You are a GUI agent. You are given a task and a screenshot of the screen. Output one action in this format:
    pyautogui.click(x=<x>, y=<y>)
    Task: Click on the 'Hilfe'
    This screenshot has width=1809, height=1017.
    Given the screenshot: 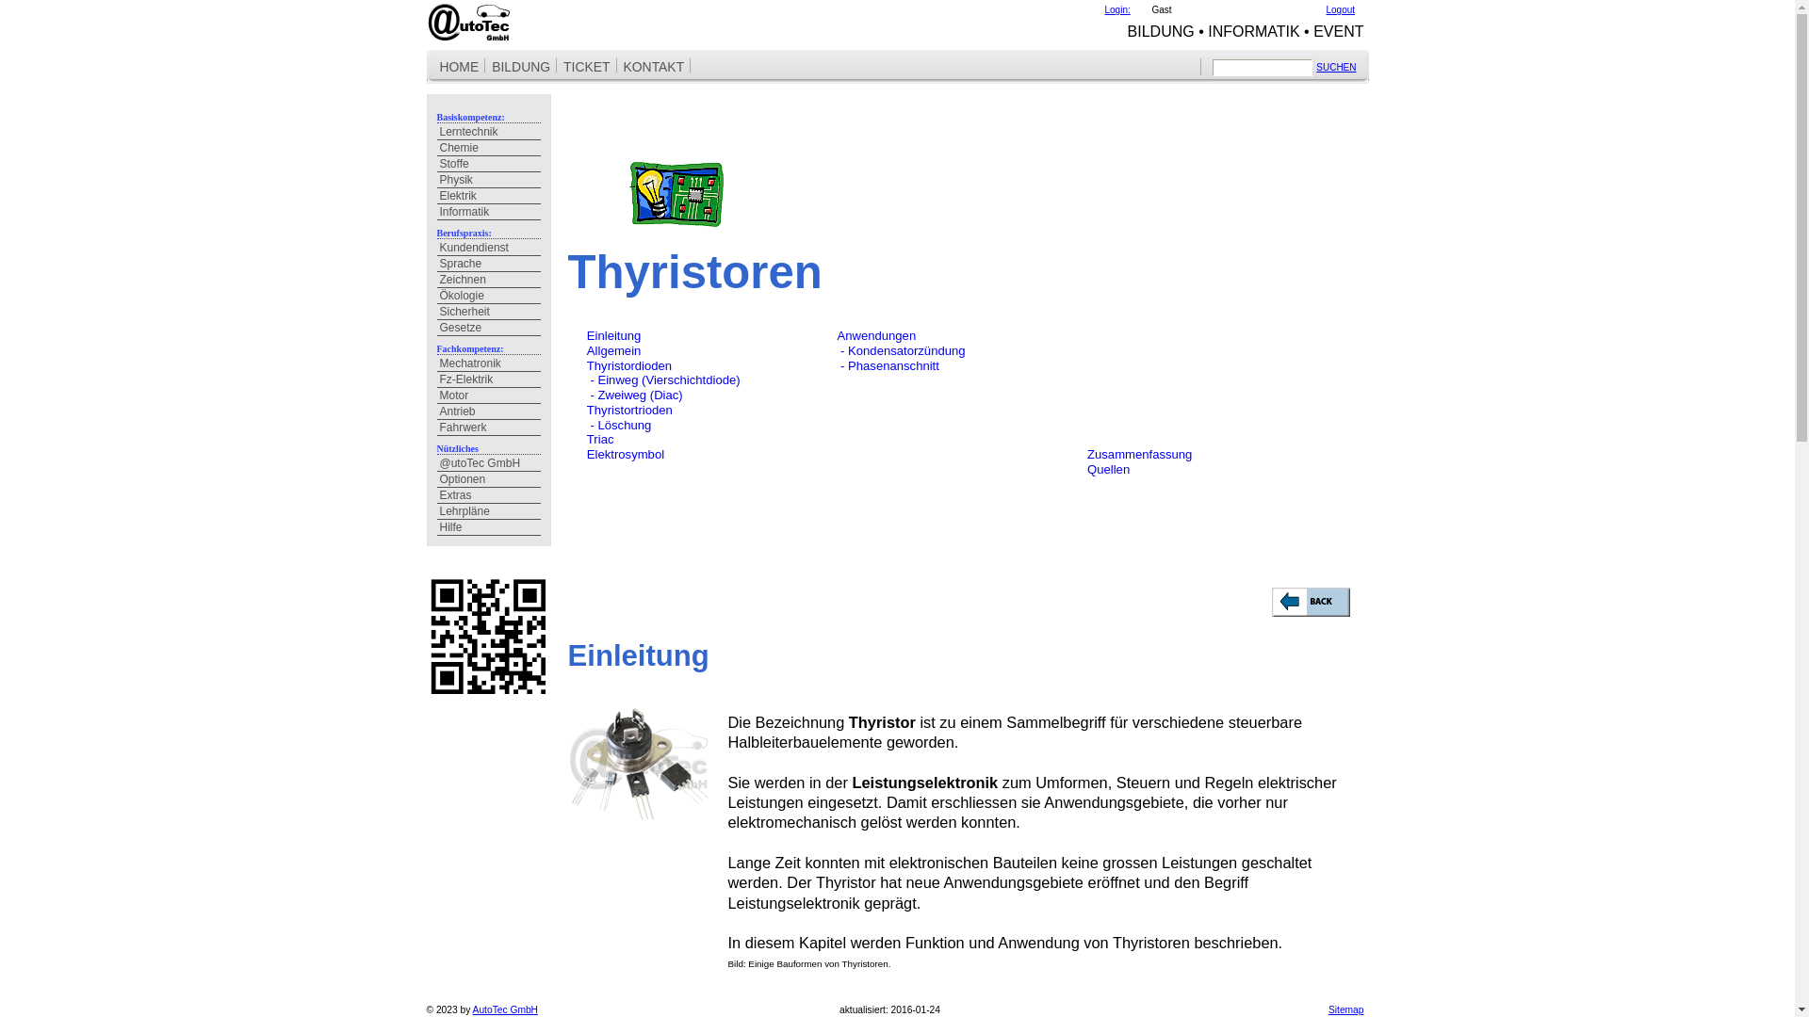 What is the action you would take?
    pyautogui.click(x=488, y=527)
    